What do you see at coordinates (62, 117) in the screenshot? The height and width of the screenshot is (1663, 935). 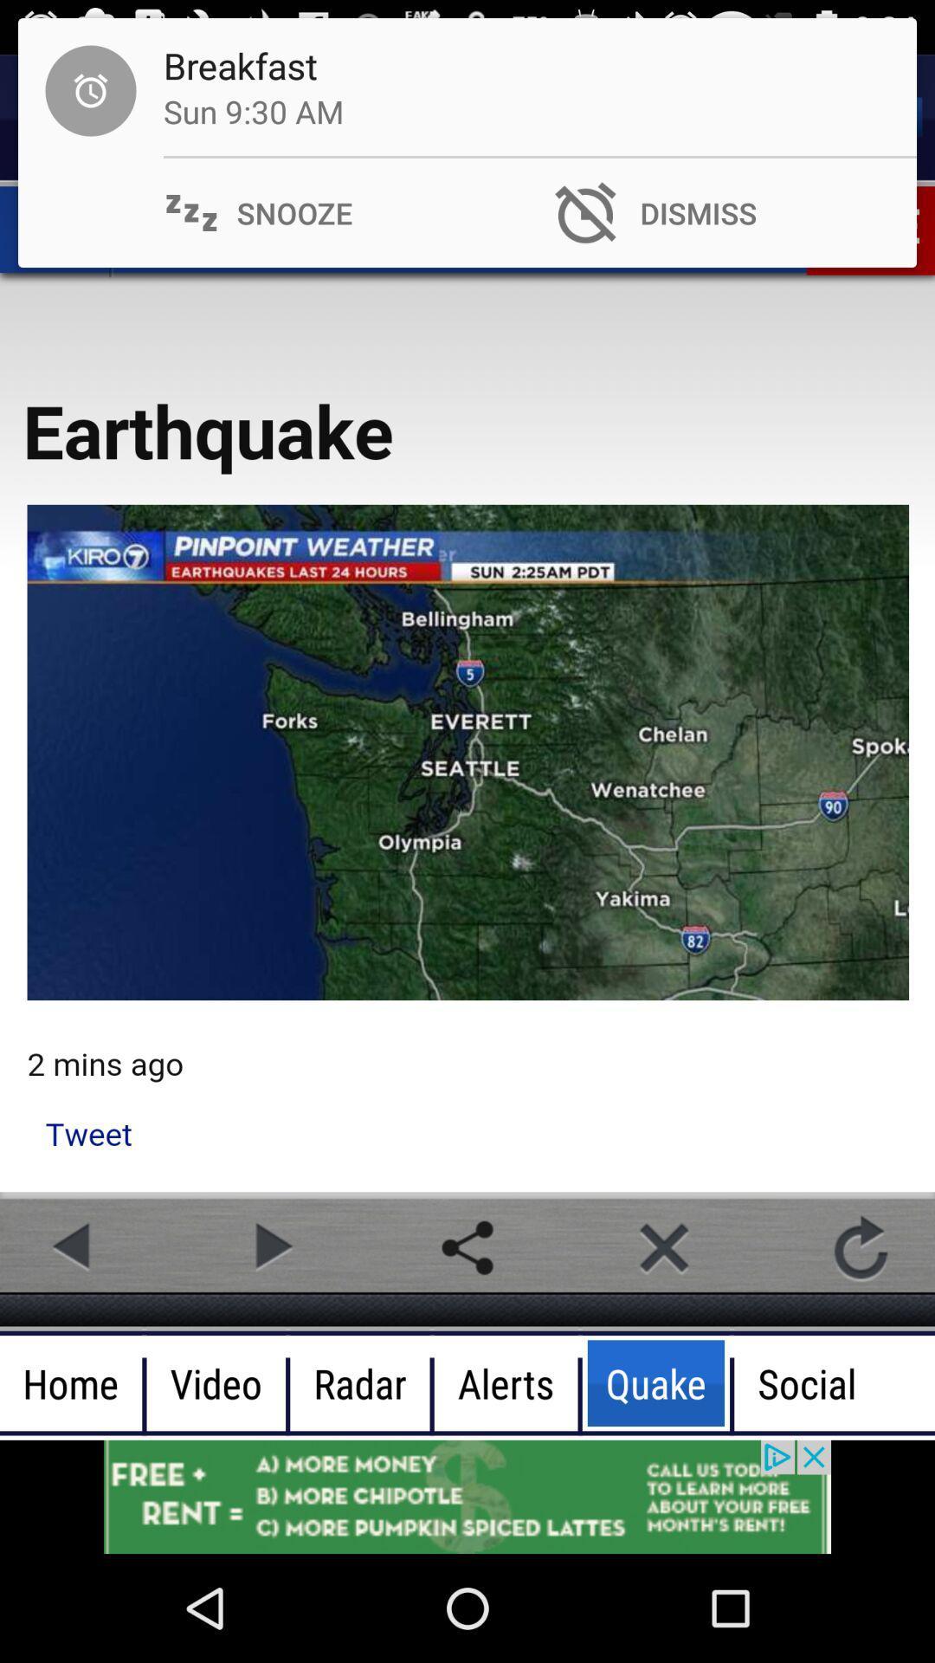 I see `the time icon` at bounding box center [62, 117].